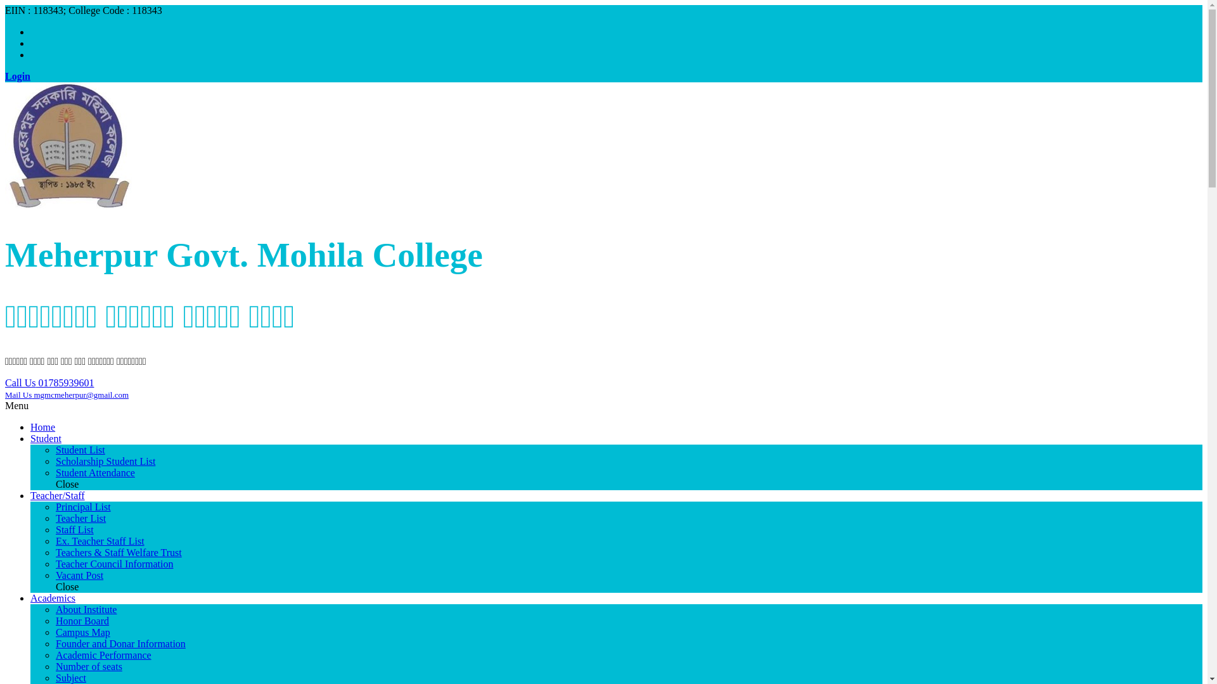 The width and height of the screenshot is (1217, 684). Describe the element at coordinates (55, 632) in the screenshot. I see `'Campus Map'` at that location.